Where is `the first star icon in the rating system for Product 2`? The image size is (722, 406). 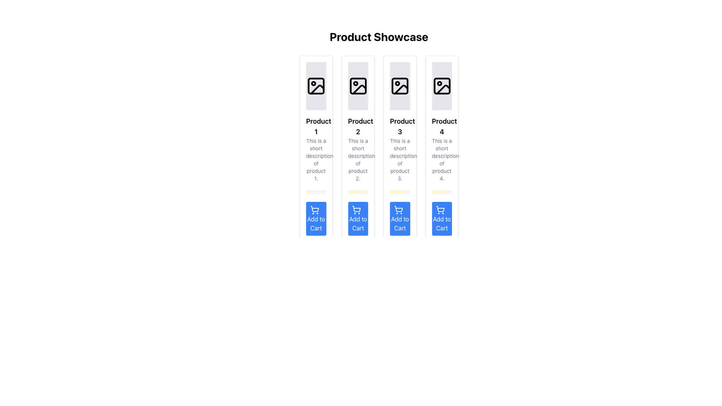 the first star icon in the rating system for Product 2 is located at coordinates (349, 191).